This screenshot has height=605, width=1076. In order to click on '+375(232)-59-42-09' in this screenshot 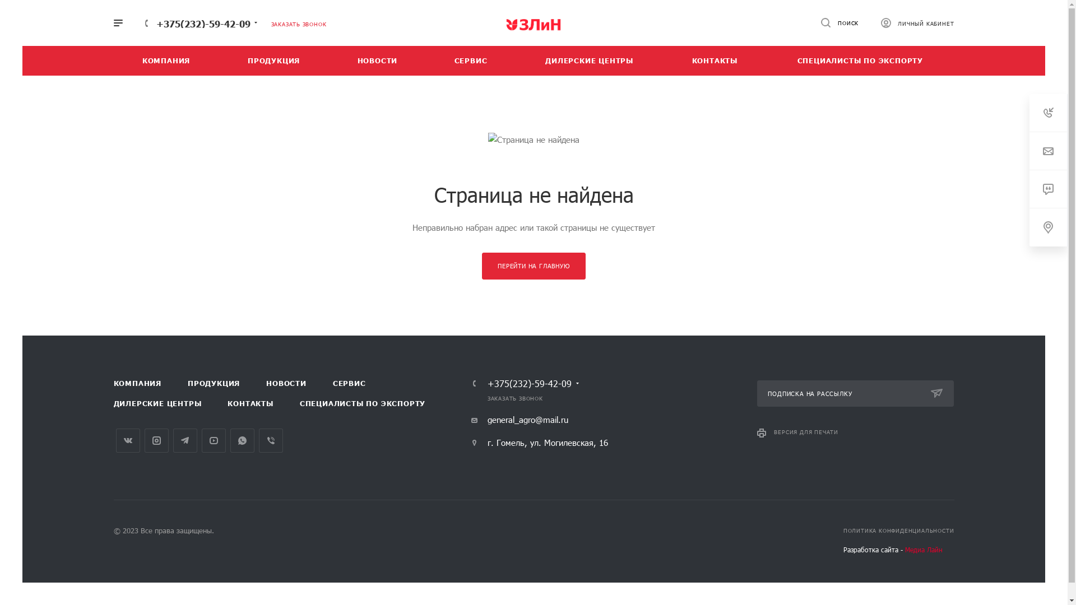, I will do `click(529, 383)`.